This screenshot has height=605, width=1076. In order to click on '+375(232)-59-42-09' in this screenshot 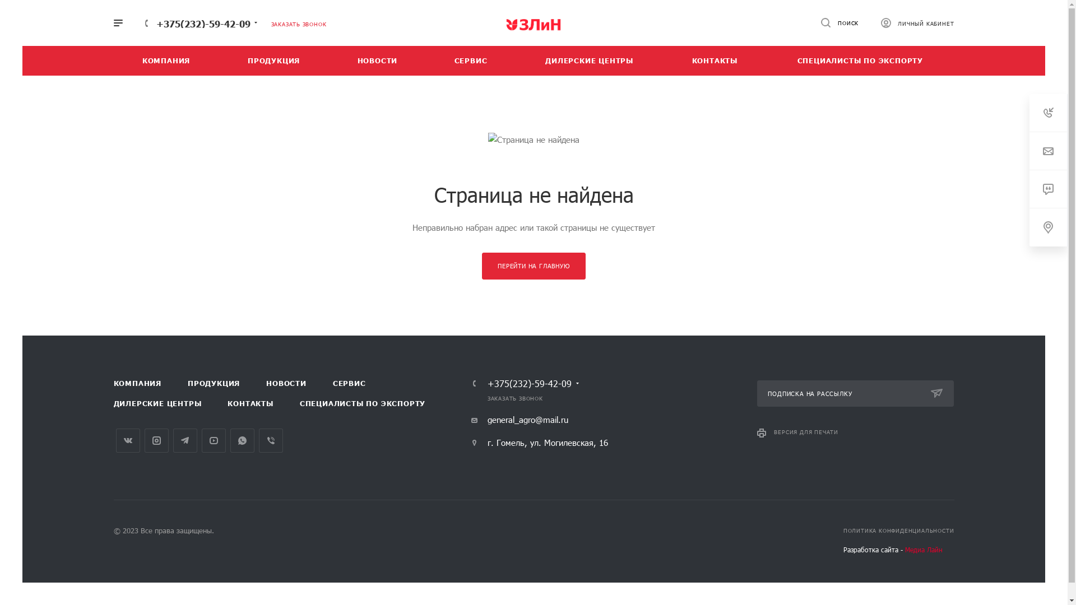, I will do `click(529, 383)`.